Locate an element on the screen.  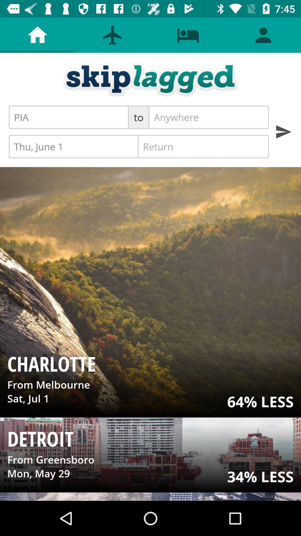
item below the to icon is located at coordinates (74, 146).